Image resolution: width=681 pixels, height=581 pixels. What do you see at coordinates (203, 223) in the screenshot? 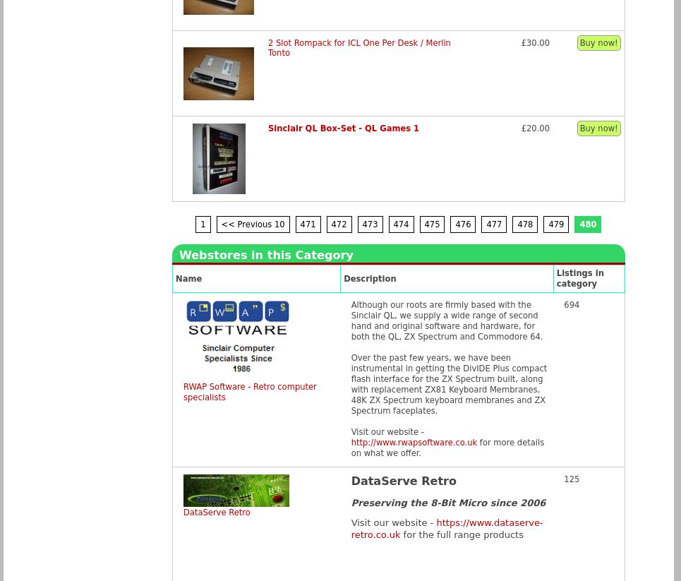
I see `'1'` at bounding box center [203, 223].